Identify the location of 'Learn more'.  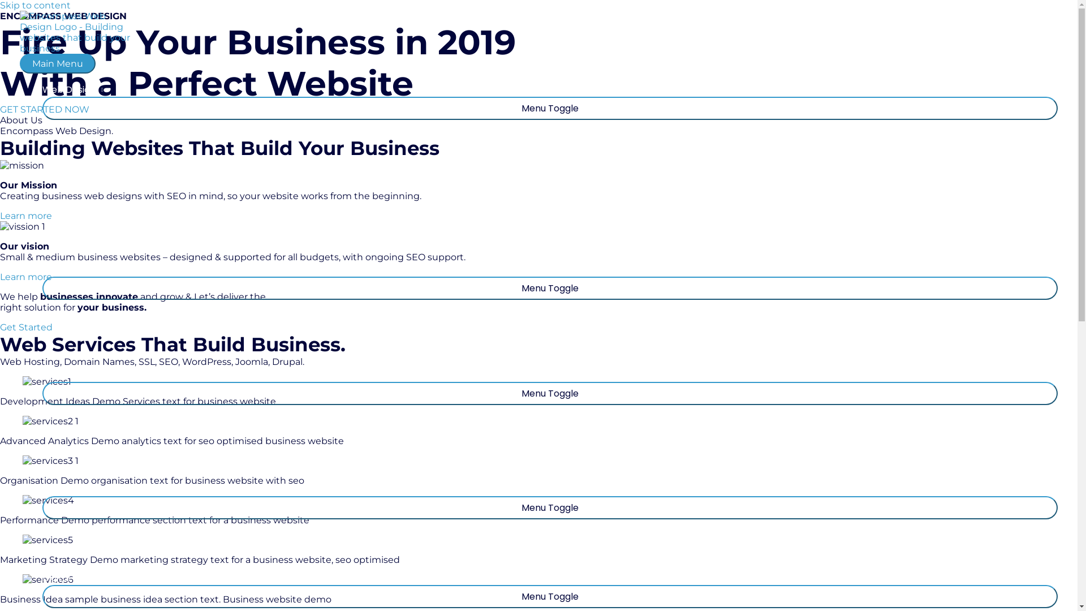
(26, 277).